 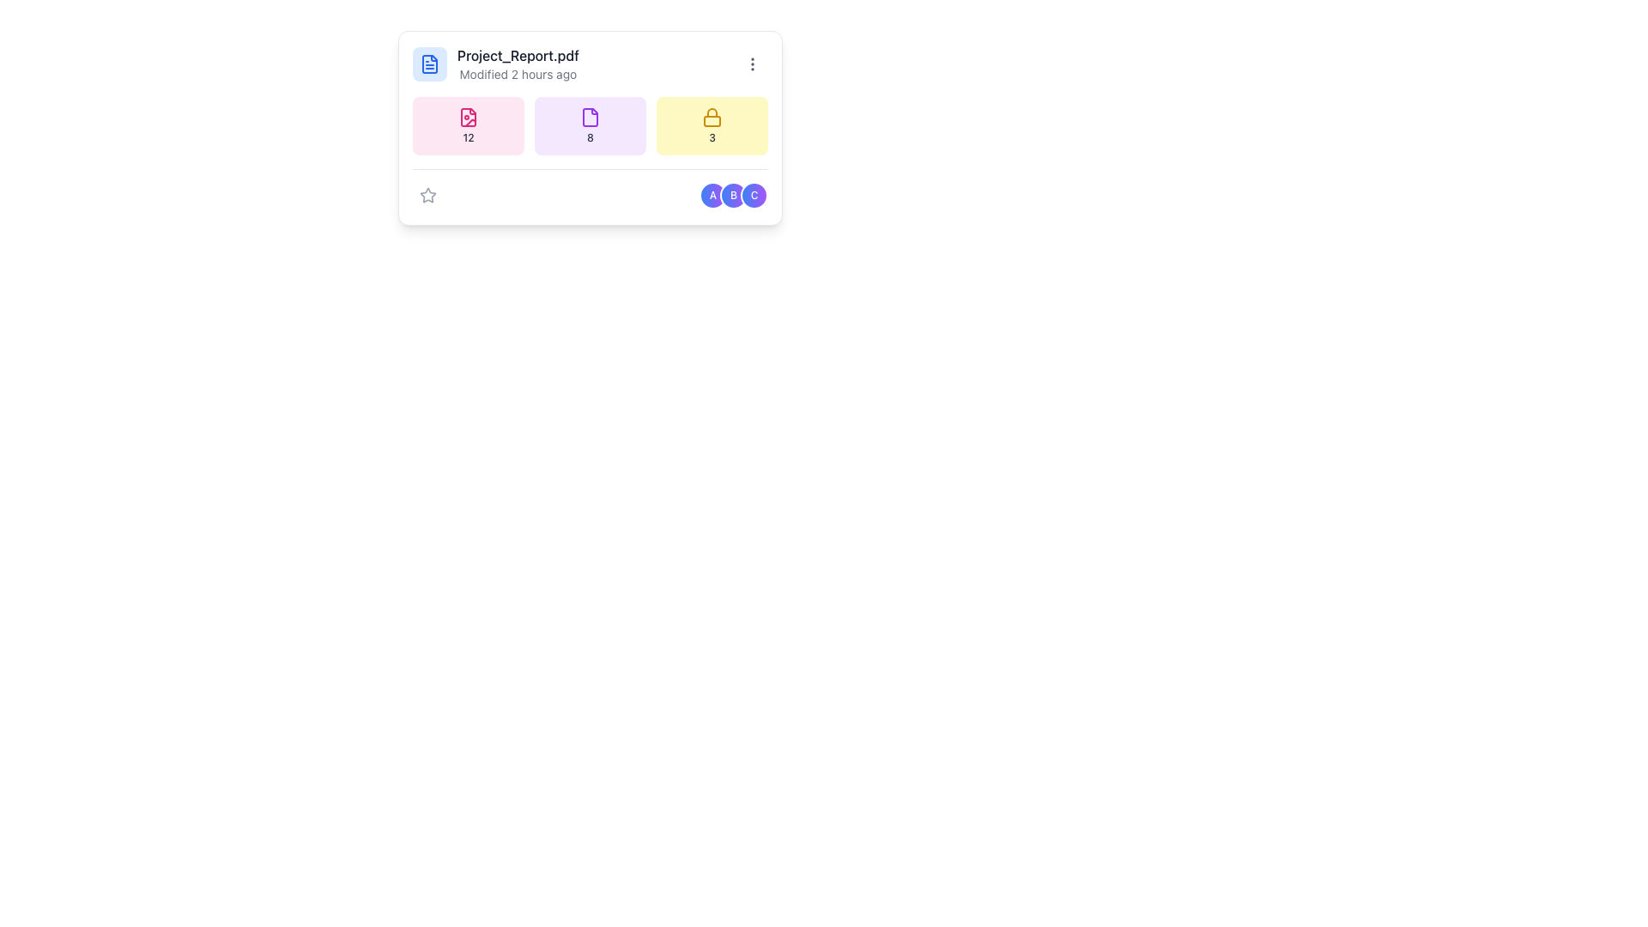 What do you see at coordinates (428, 194) in the screenshot?
I see `the star icon with a gray outline located in the bottom area of the UI section that displays file details` at bounding box center [428, 194].